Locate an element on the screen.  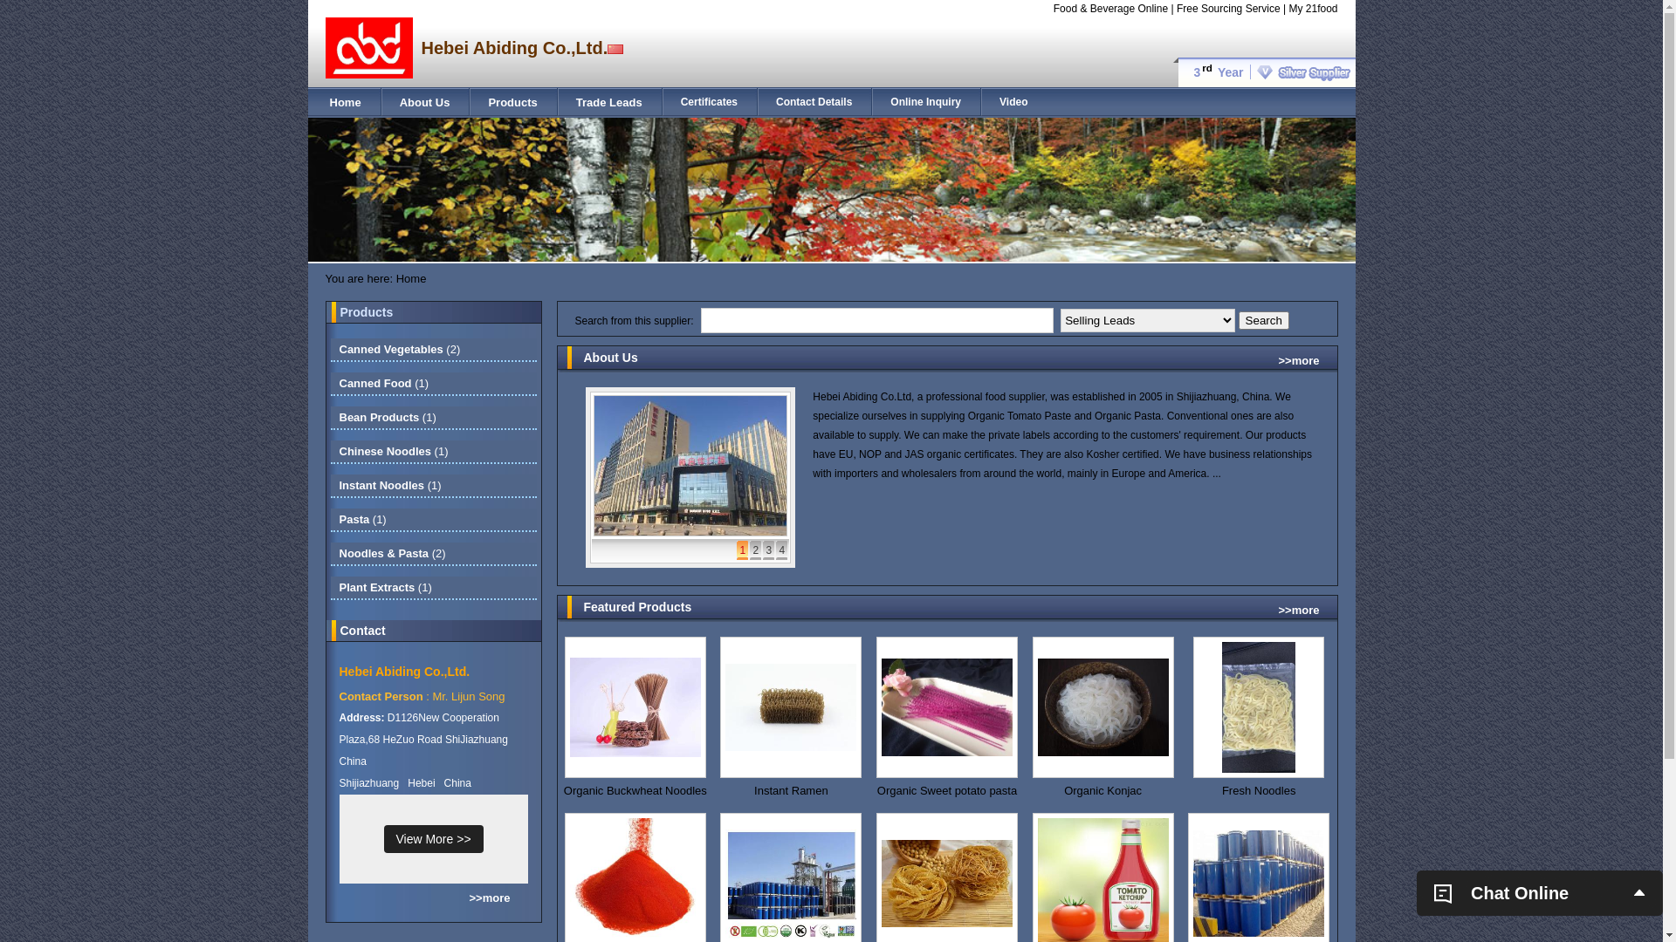
'Free Sourcing Service' is located at coordinates (1227, 9).